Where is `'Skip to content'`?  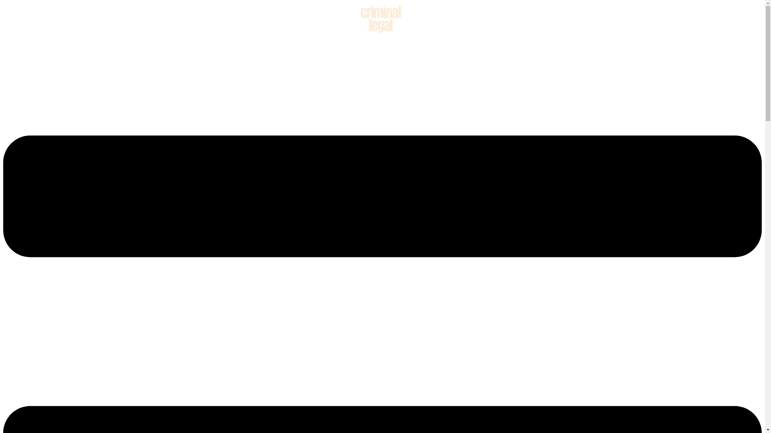
'Skip to content' is located at coordinates (3, 3).